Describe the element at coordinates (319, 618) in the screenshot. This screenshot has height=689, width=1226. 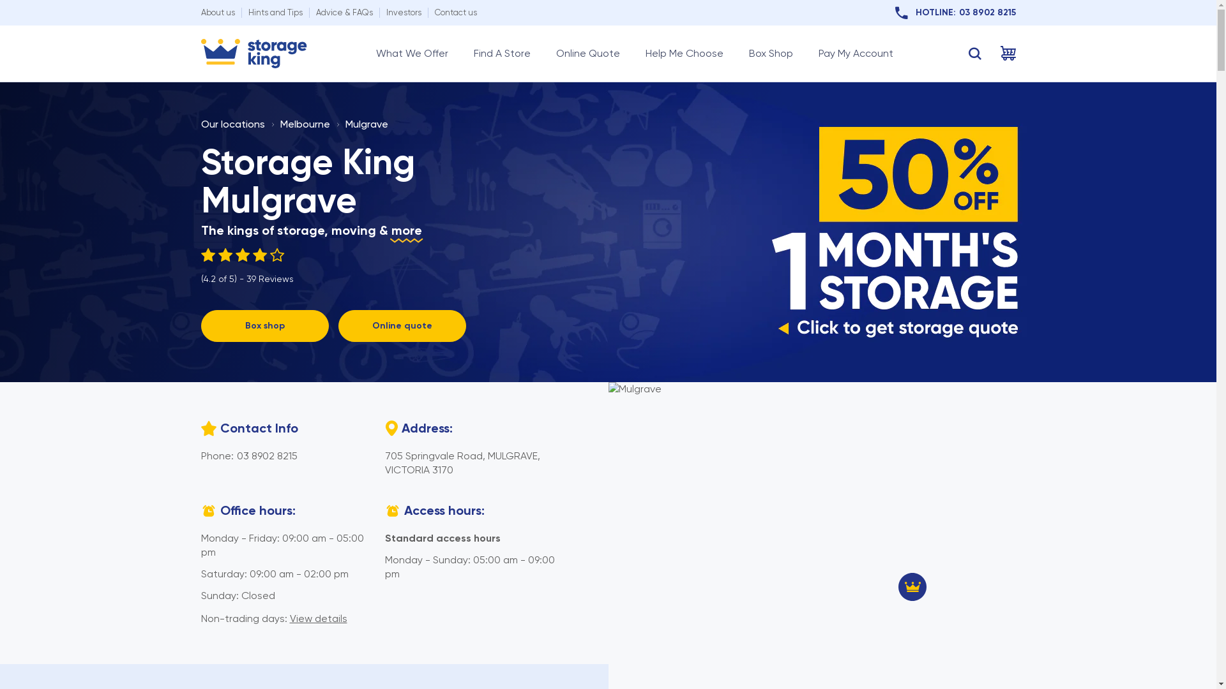
I see `'View details'` at that location.